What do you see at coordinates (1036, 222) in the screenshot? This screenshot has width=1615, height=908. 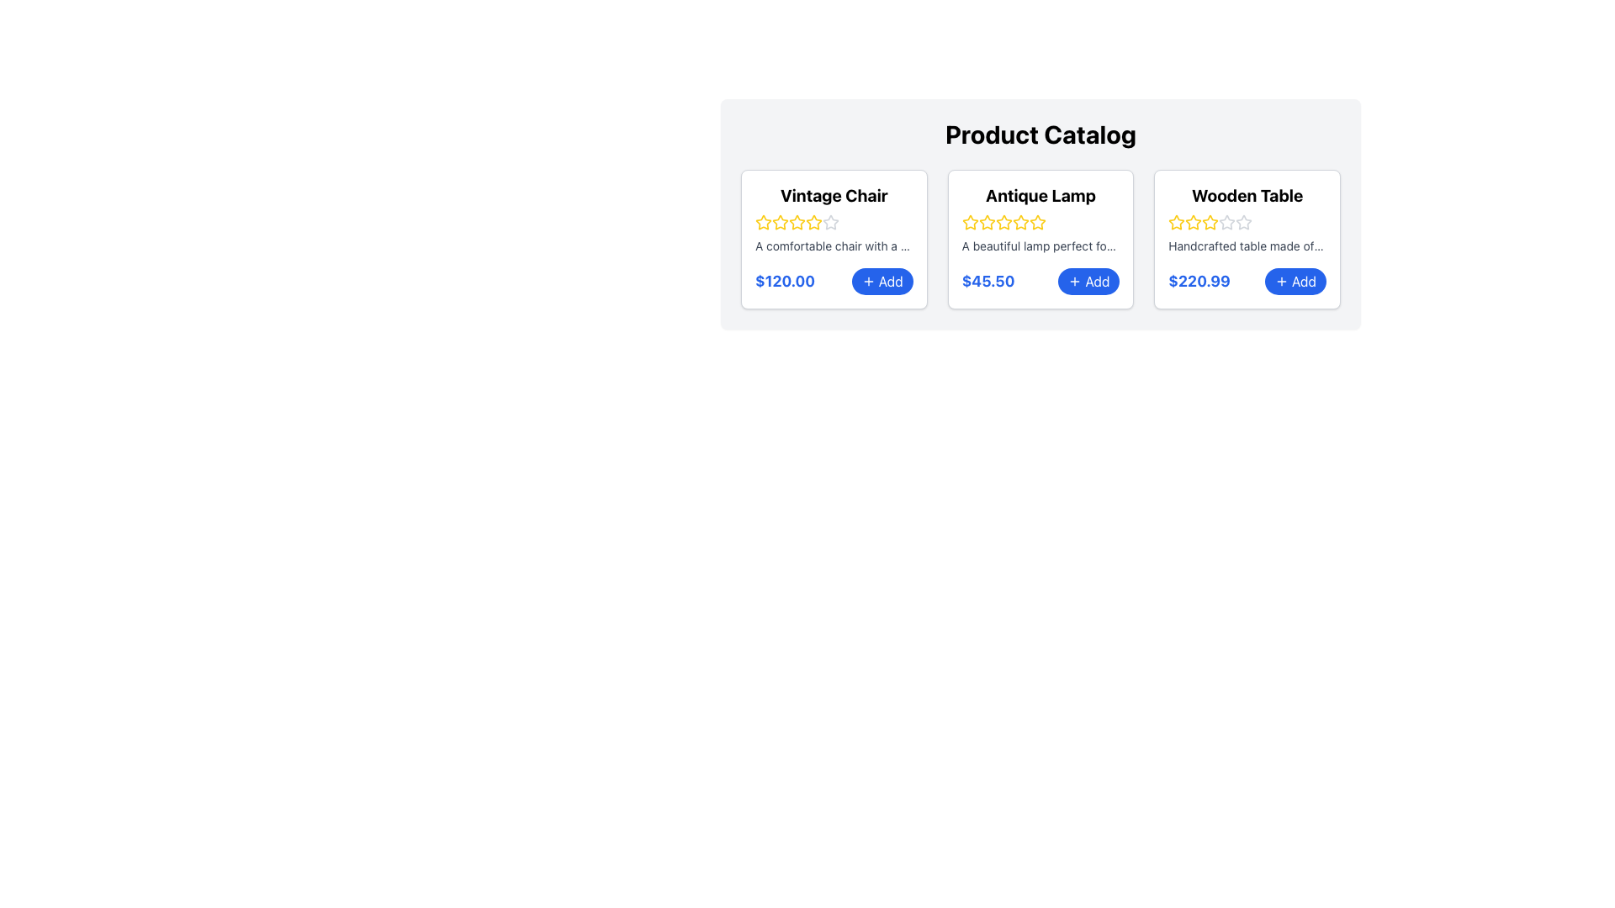 I see `the fourth star icon in the 5-star rating component for the 'Antique Lamp' product` at bounding box center [1036, 222].